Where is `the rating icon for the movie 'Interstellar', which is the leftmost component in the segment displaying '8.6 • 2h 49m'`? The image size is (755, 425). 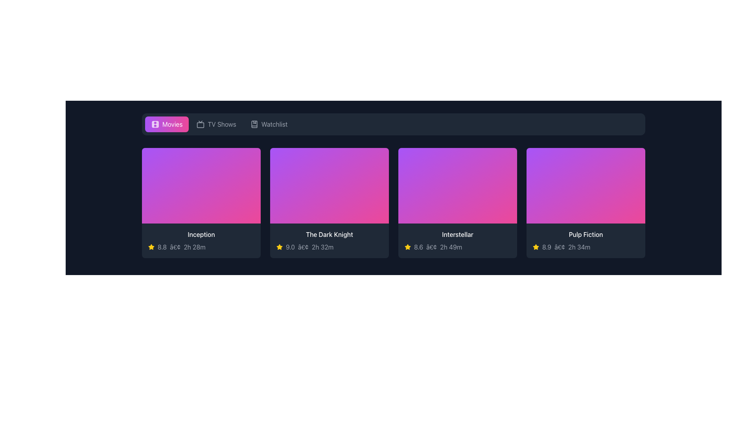
the rating icon for the movie 'Interstellar', which is the leftmost component in the segment displaying '8.6 • 2h 49m' is located at coordinates (407, 247).